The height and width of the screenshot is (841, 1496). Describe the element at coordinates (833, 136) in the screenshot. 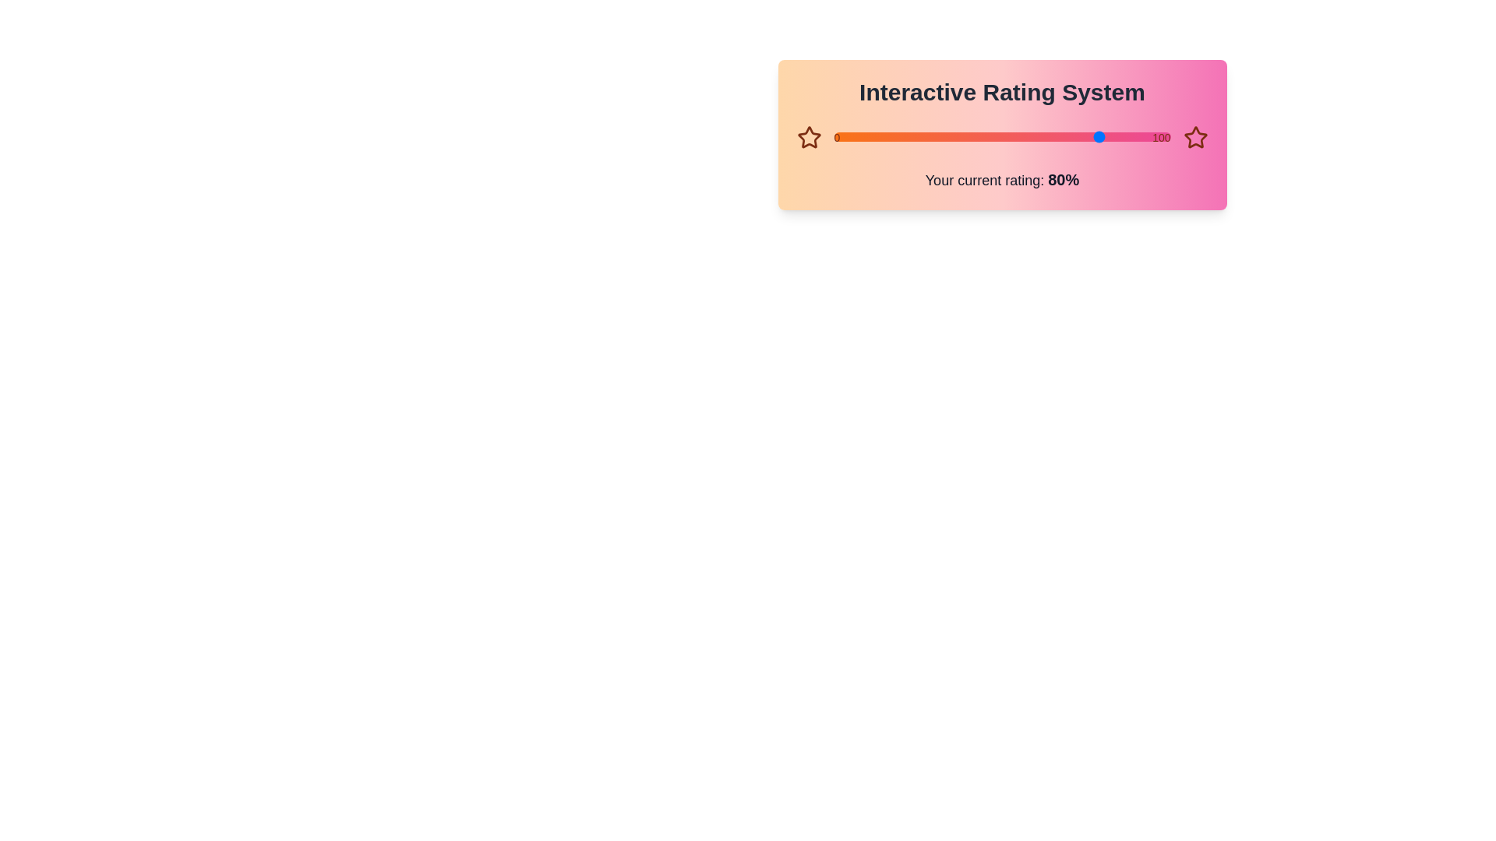

I see `the slider to set the rating to 31%` at that location.